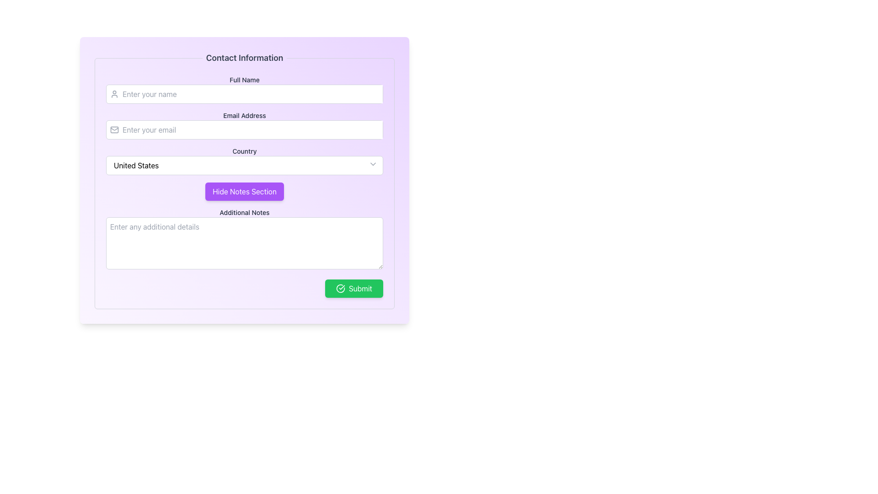 The height and width of the screenshot is (494, 878). I want to click on the button located in the middle section of the form, just below the 'Country' dropdown, so click(244, 191).